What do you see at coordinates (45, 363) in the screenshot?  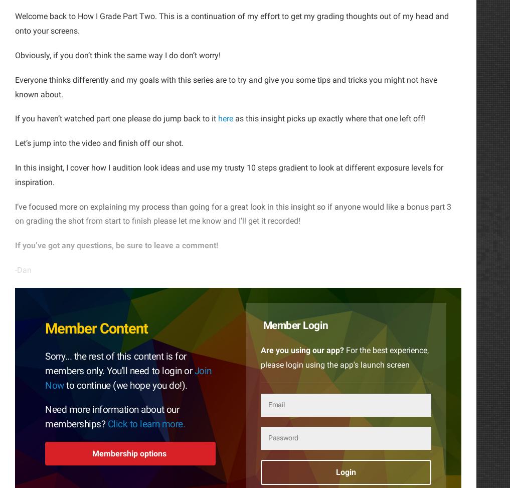 I see `'Sorry... the rest of this content is for members only. You'll need to login or'` at bounding box center [45, 363].